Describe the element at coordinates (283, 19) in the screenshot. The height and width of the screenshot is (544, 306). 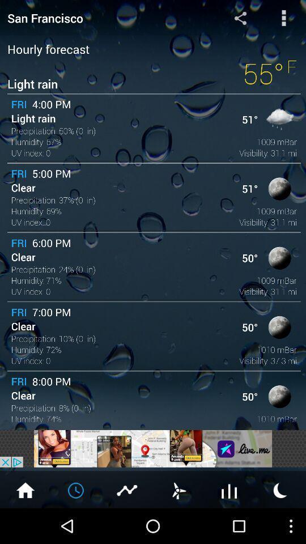
I see `the more icon` at that location.